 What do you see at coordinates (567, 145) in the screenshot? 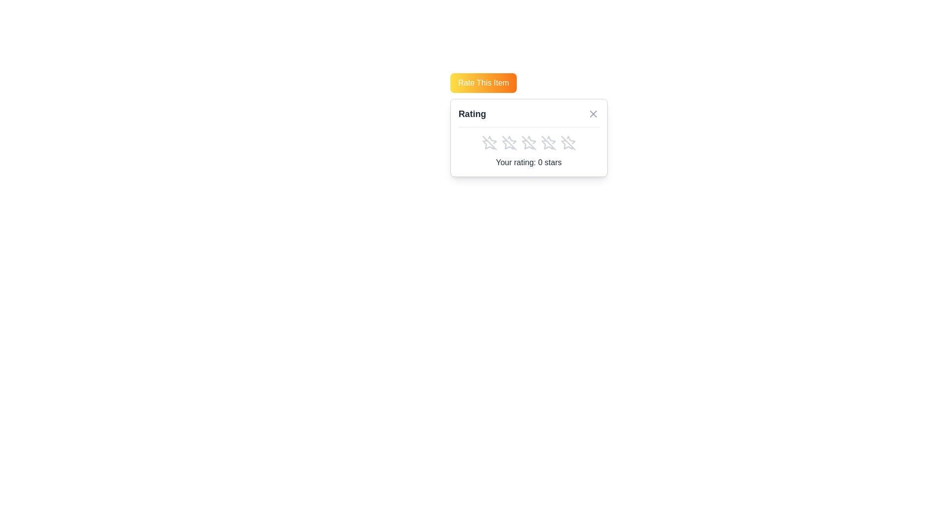
I see `the fifth star icon in the rating widget` at bounding box center [567, 145].